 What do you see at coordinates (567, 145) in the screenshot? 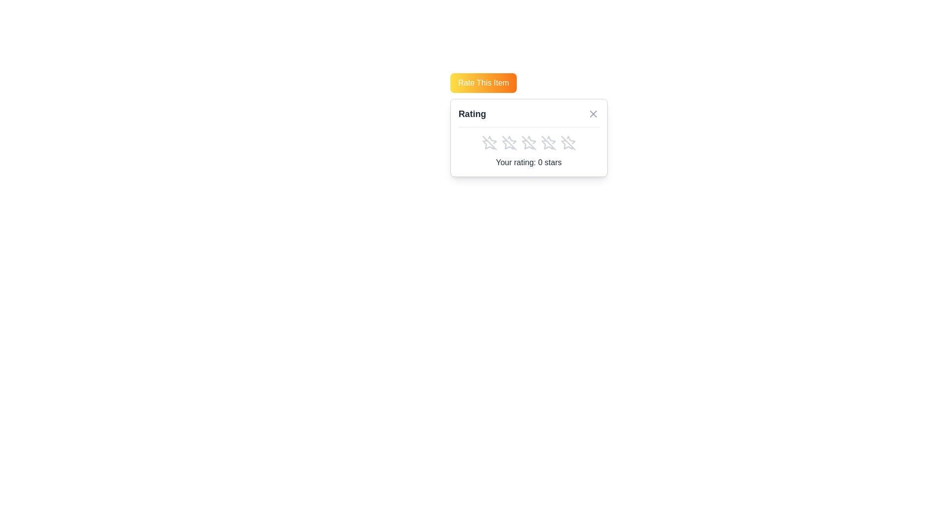
I see `the fifth star icon in the rating widget` at bounding box center [567, 145].